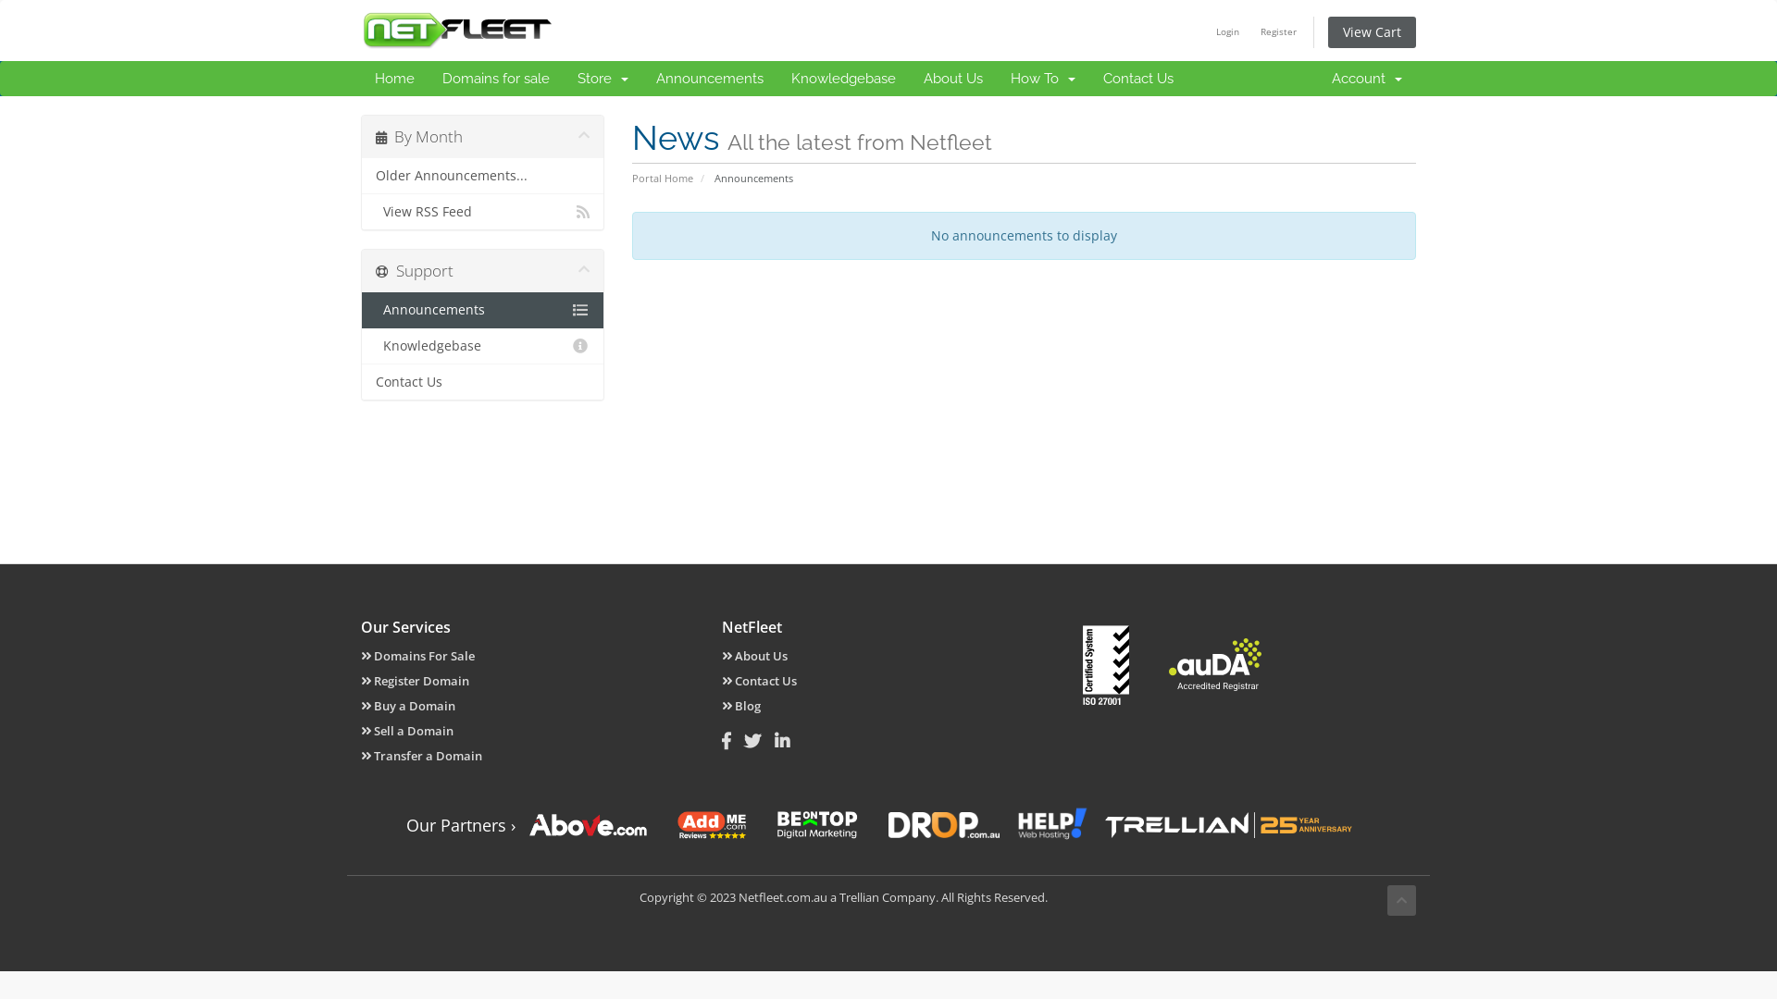  What do you see at coordinates (482, 176) in the screenshot?
I see `'Older Announcements...'` at bounding box center [482, 176].